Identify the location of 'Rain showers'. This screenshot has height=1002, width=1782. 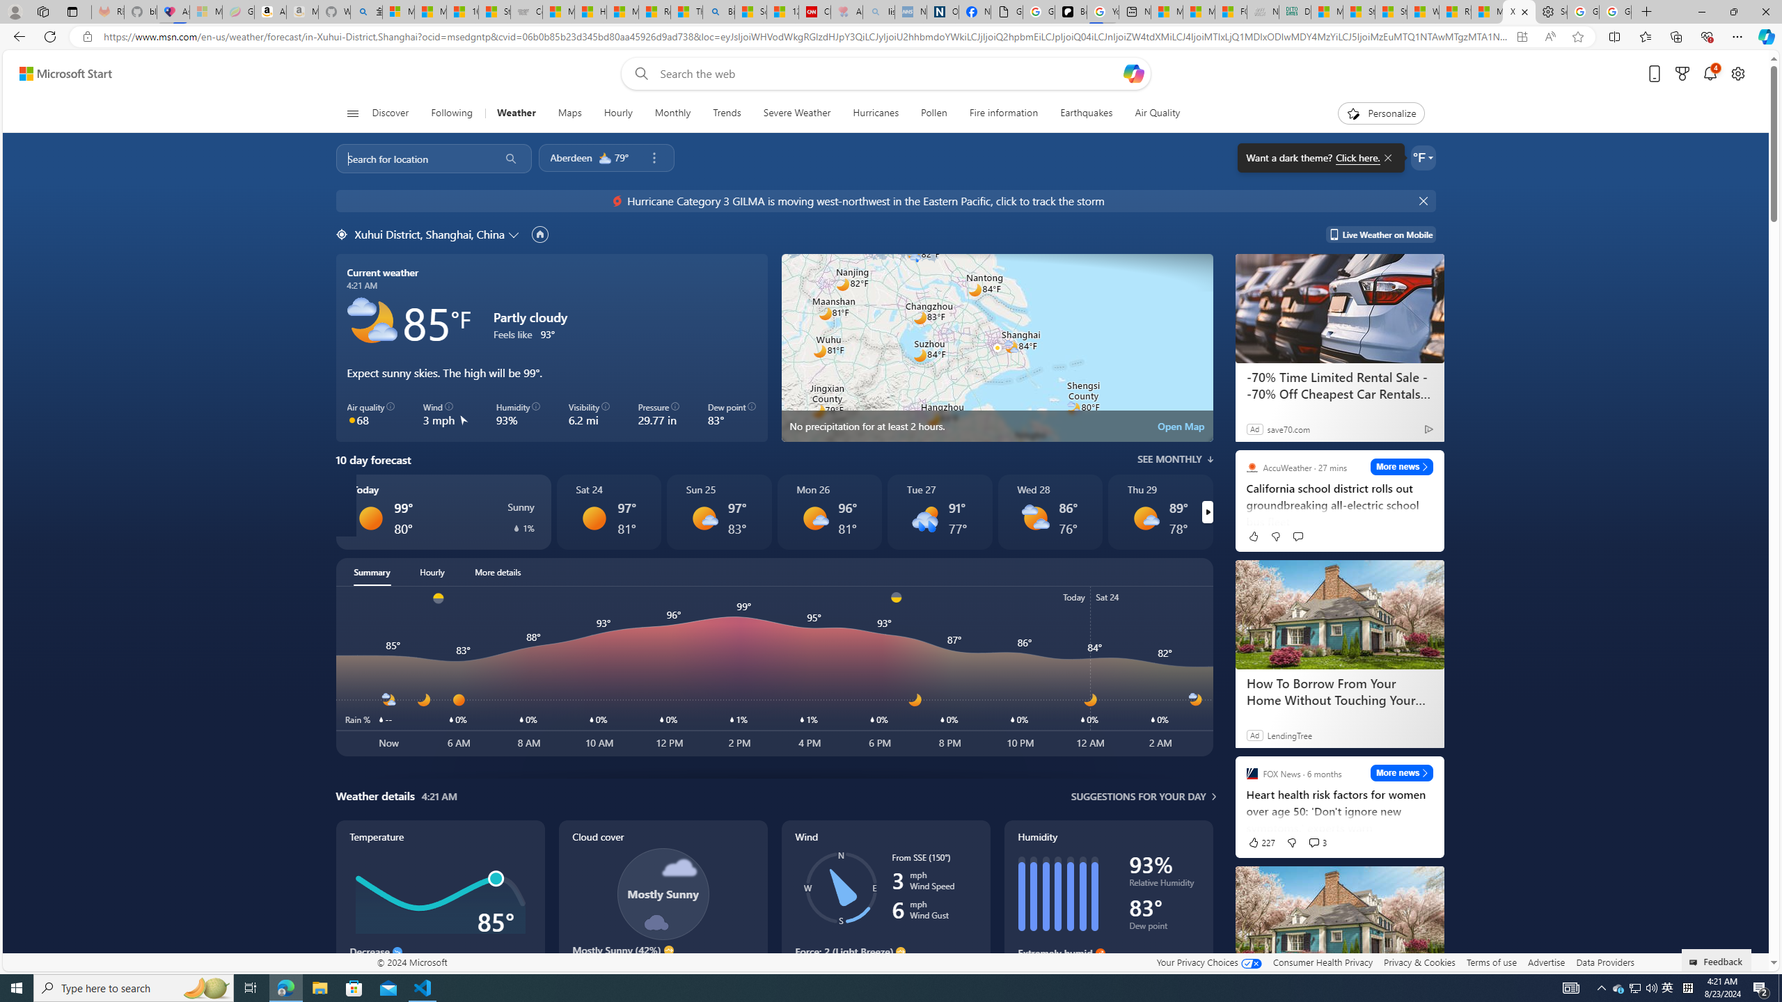
(924, 517).